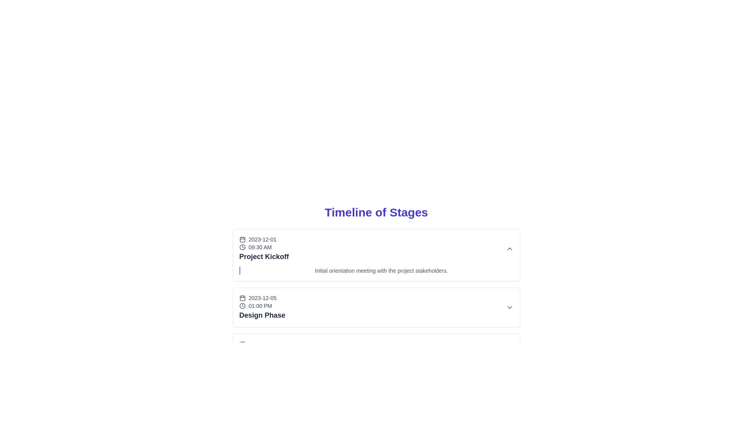  What do you see at coordinates (509, 307) in the screenshot?
I see `the downward-pointing chevron icon located at the far right of the row labeled '2023-12-05 01:00 PM Design Phase'` at bounding box center [509, 307].